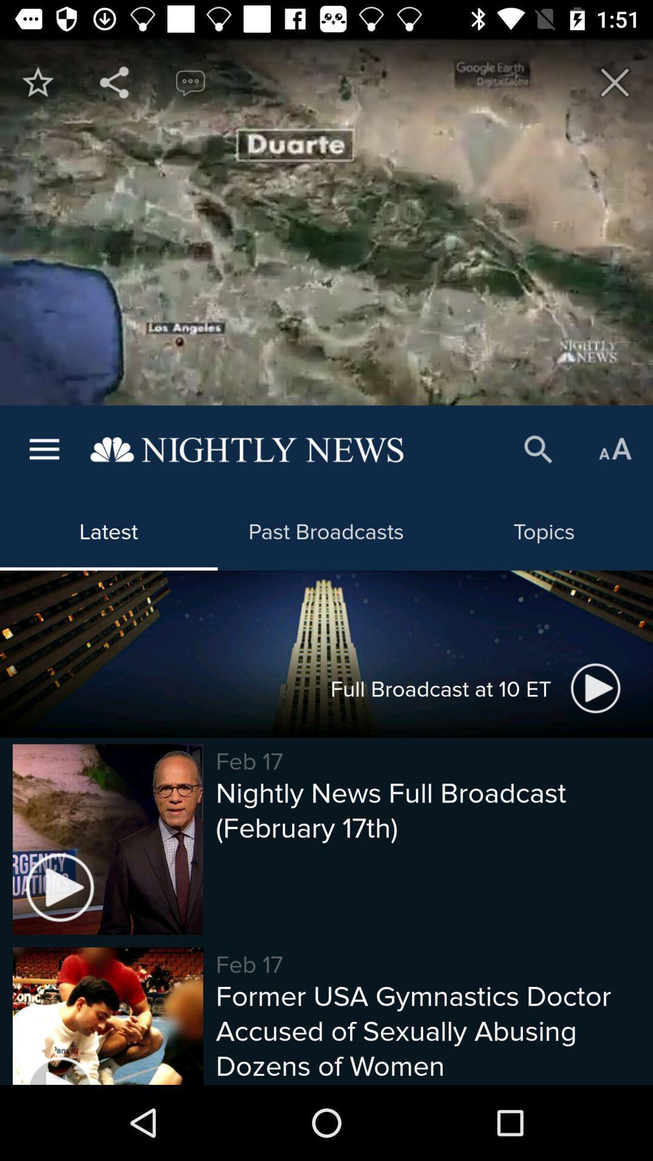 Image resolution: width=653 pixels, height=1161 pixels. What do you see at coordinates (37, 82) in the screenshot?
I see `to star` at bounding box center [37, 82].